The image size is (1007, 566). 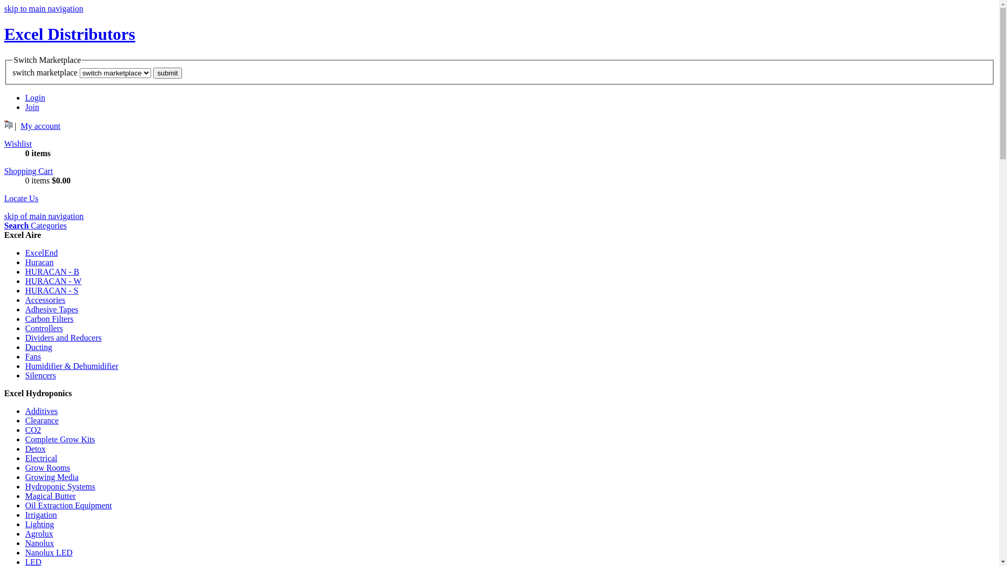 What do you see at coordinates (38, 347) in the screenshot?
I see `'Ducting'` at bounding box center [38, 347].